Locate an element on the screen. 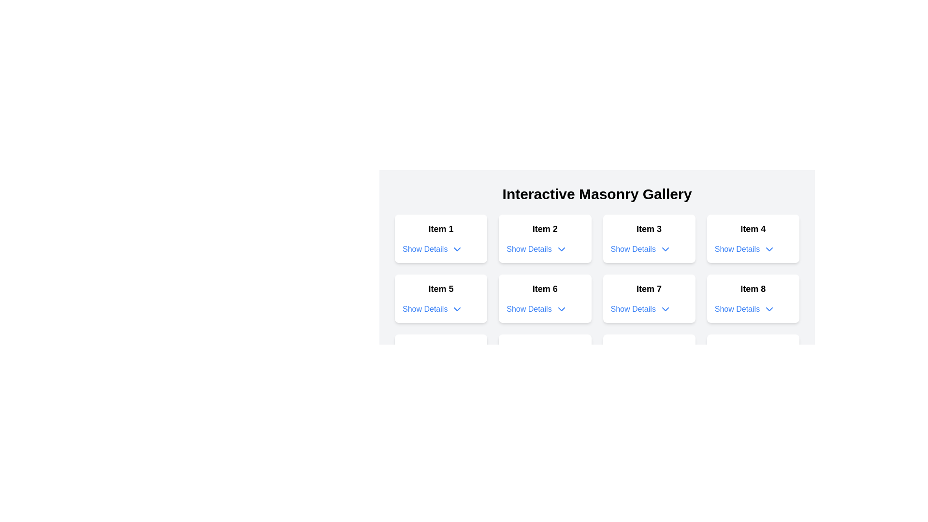  the text label 'Item 7', which is styled prominently and serves as the title in the seventh card of the masonry grid layout is located at coordinates (649, 288).